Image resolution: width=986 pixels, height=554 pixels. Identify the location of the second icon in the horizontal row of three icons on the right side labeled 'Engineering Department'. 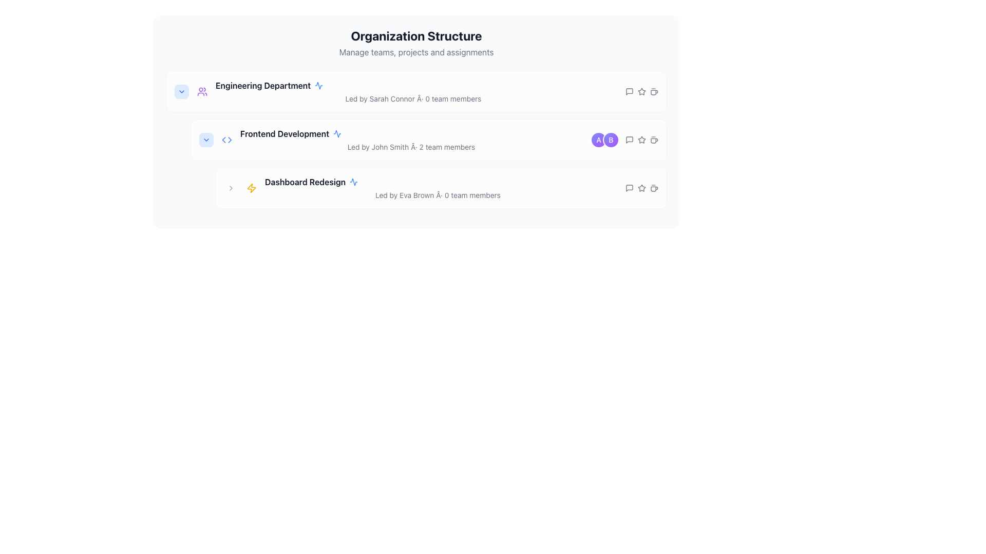
(641, 91).